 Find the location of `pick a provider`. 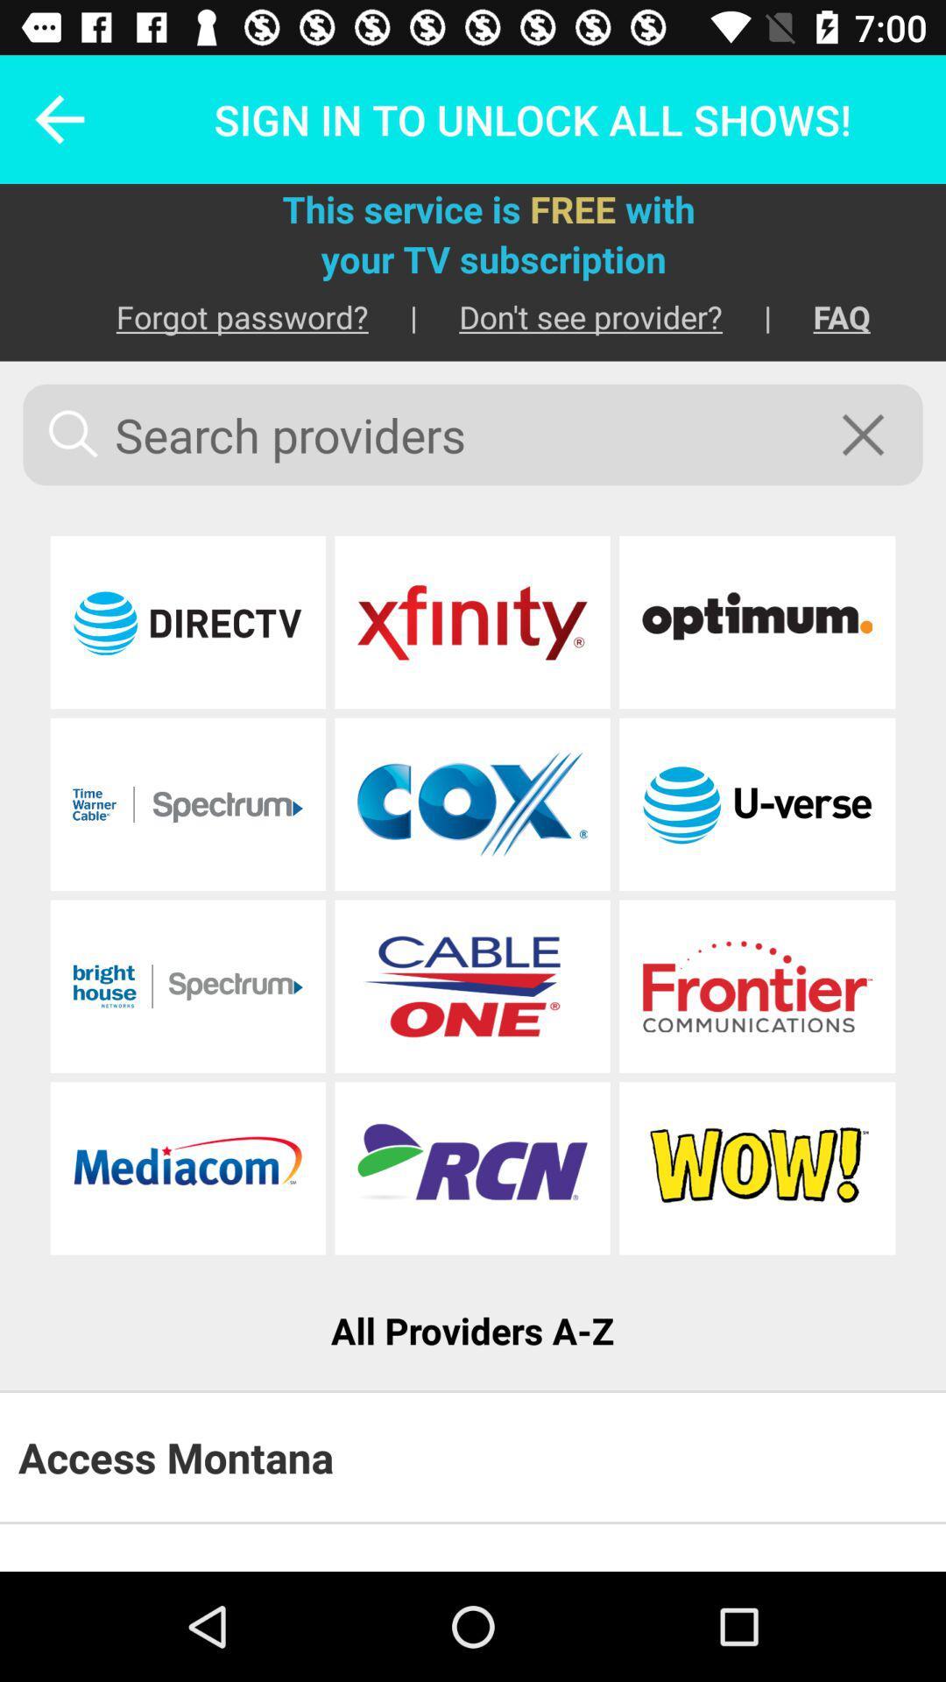

pick a provider is located at coordinates (471, 803).